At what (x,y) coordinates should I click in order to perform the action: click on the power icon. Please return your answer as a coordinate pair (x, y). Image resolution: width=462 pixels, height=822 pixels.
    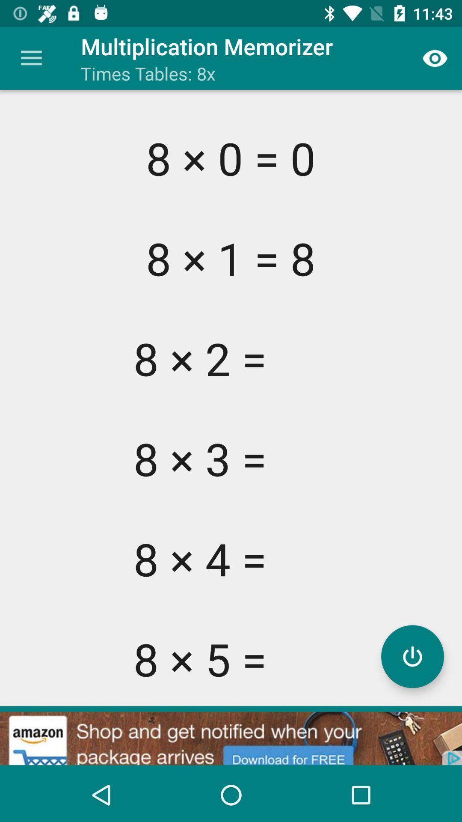
    Looking at the image, I should click on (412, 656).